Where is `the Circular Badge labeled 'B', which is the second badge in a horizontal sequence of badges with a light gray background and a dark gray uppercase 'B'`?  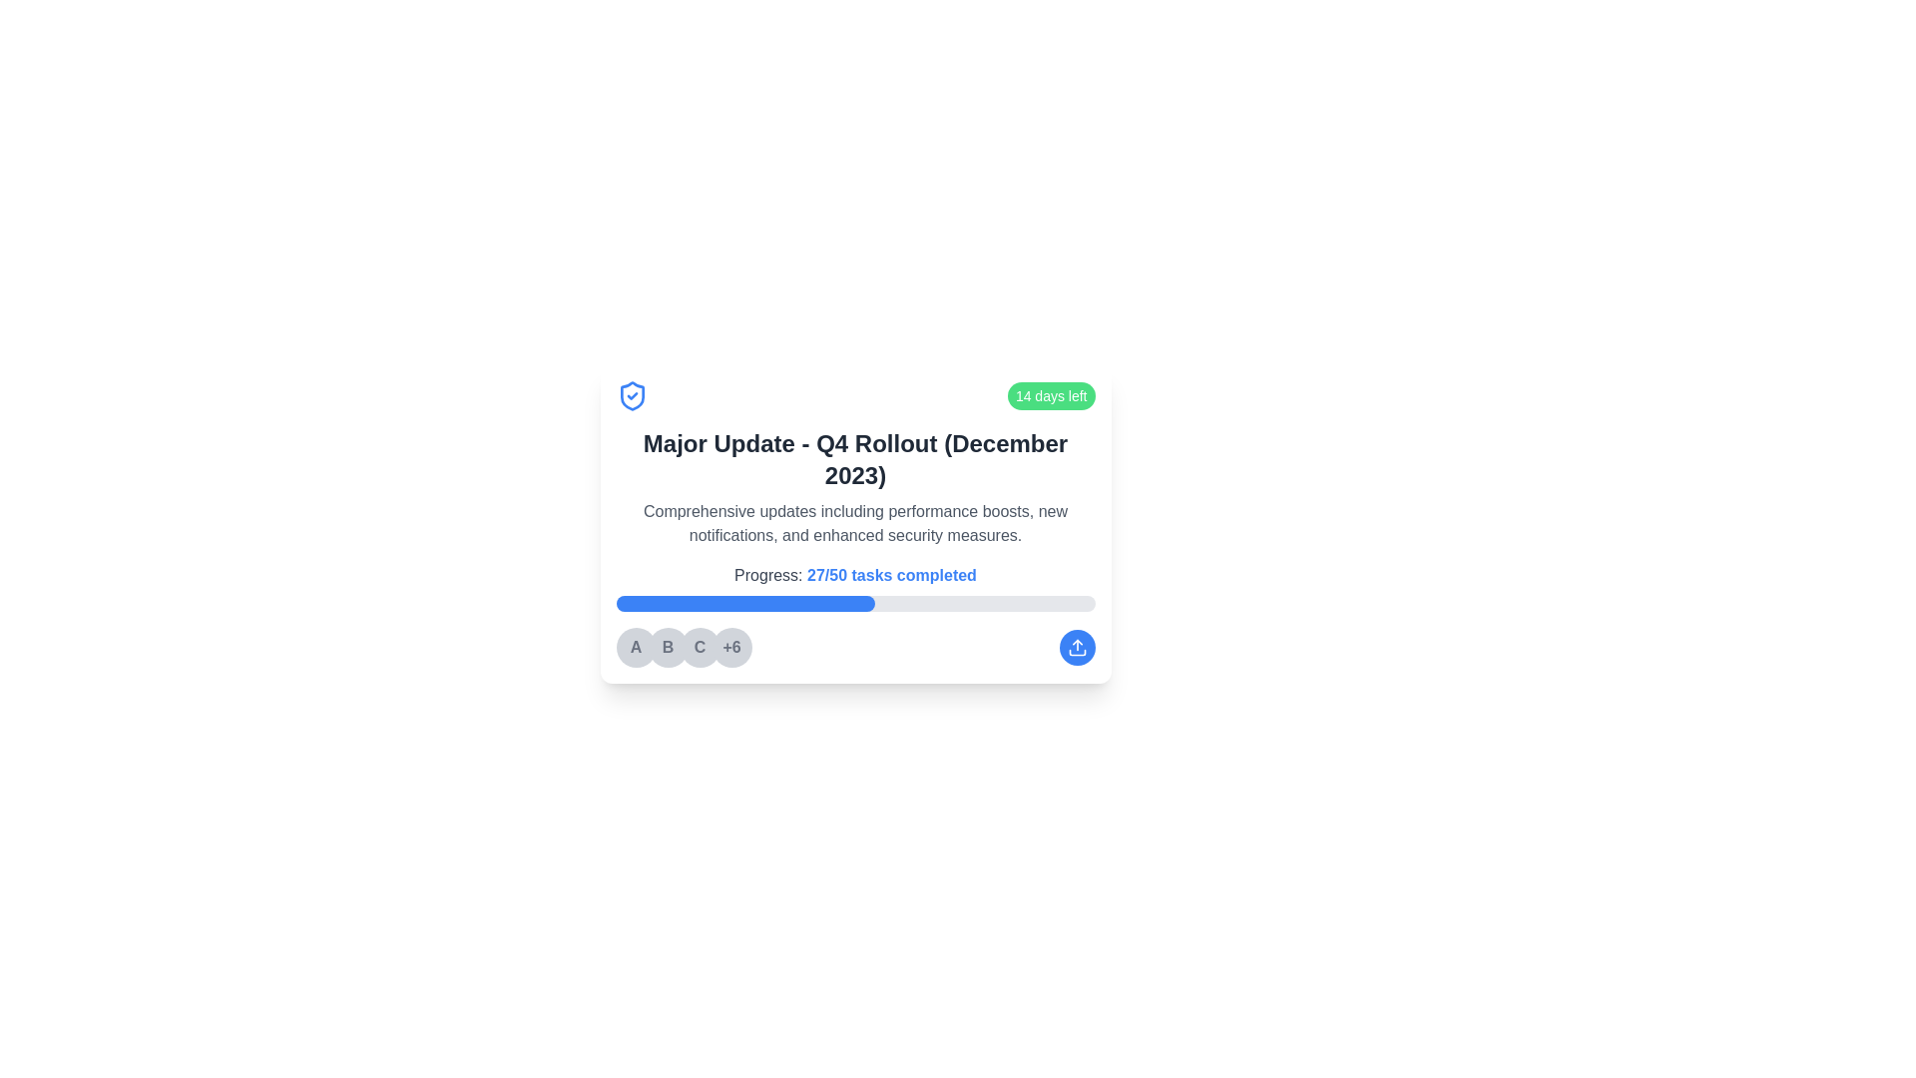
the Circular Badge labeled 'B', which is the second badge in a horizontal sequence of badges with a light gray background and a dark gray uppercase 'B' is located at coordinates (668, 647).